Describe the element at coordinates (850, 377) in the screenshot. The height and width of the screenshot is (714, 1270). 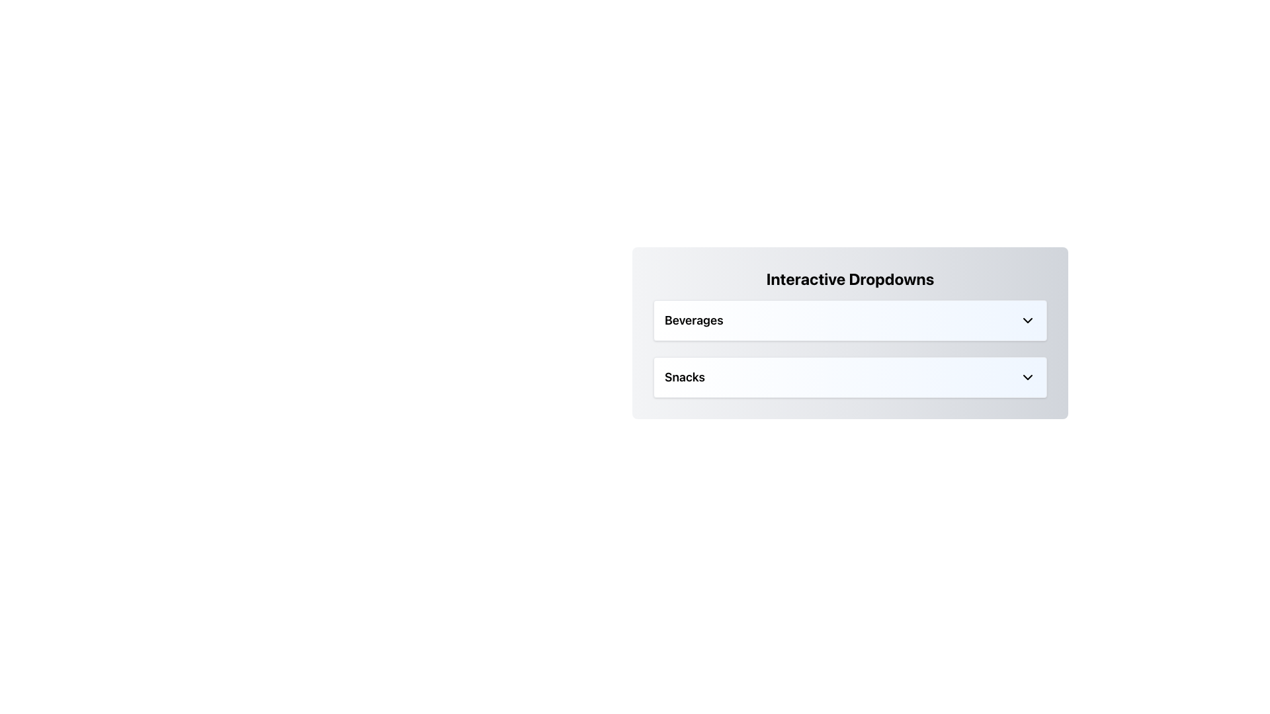
I see `the dropdown menu for selecting options related to 'Snacks'` at that location.